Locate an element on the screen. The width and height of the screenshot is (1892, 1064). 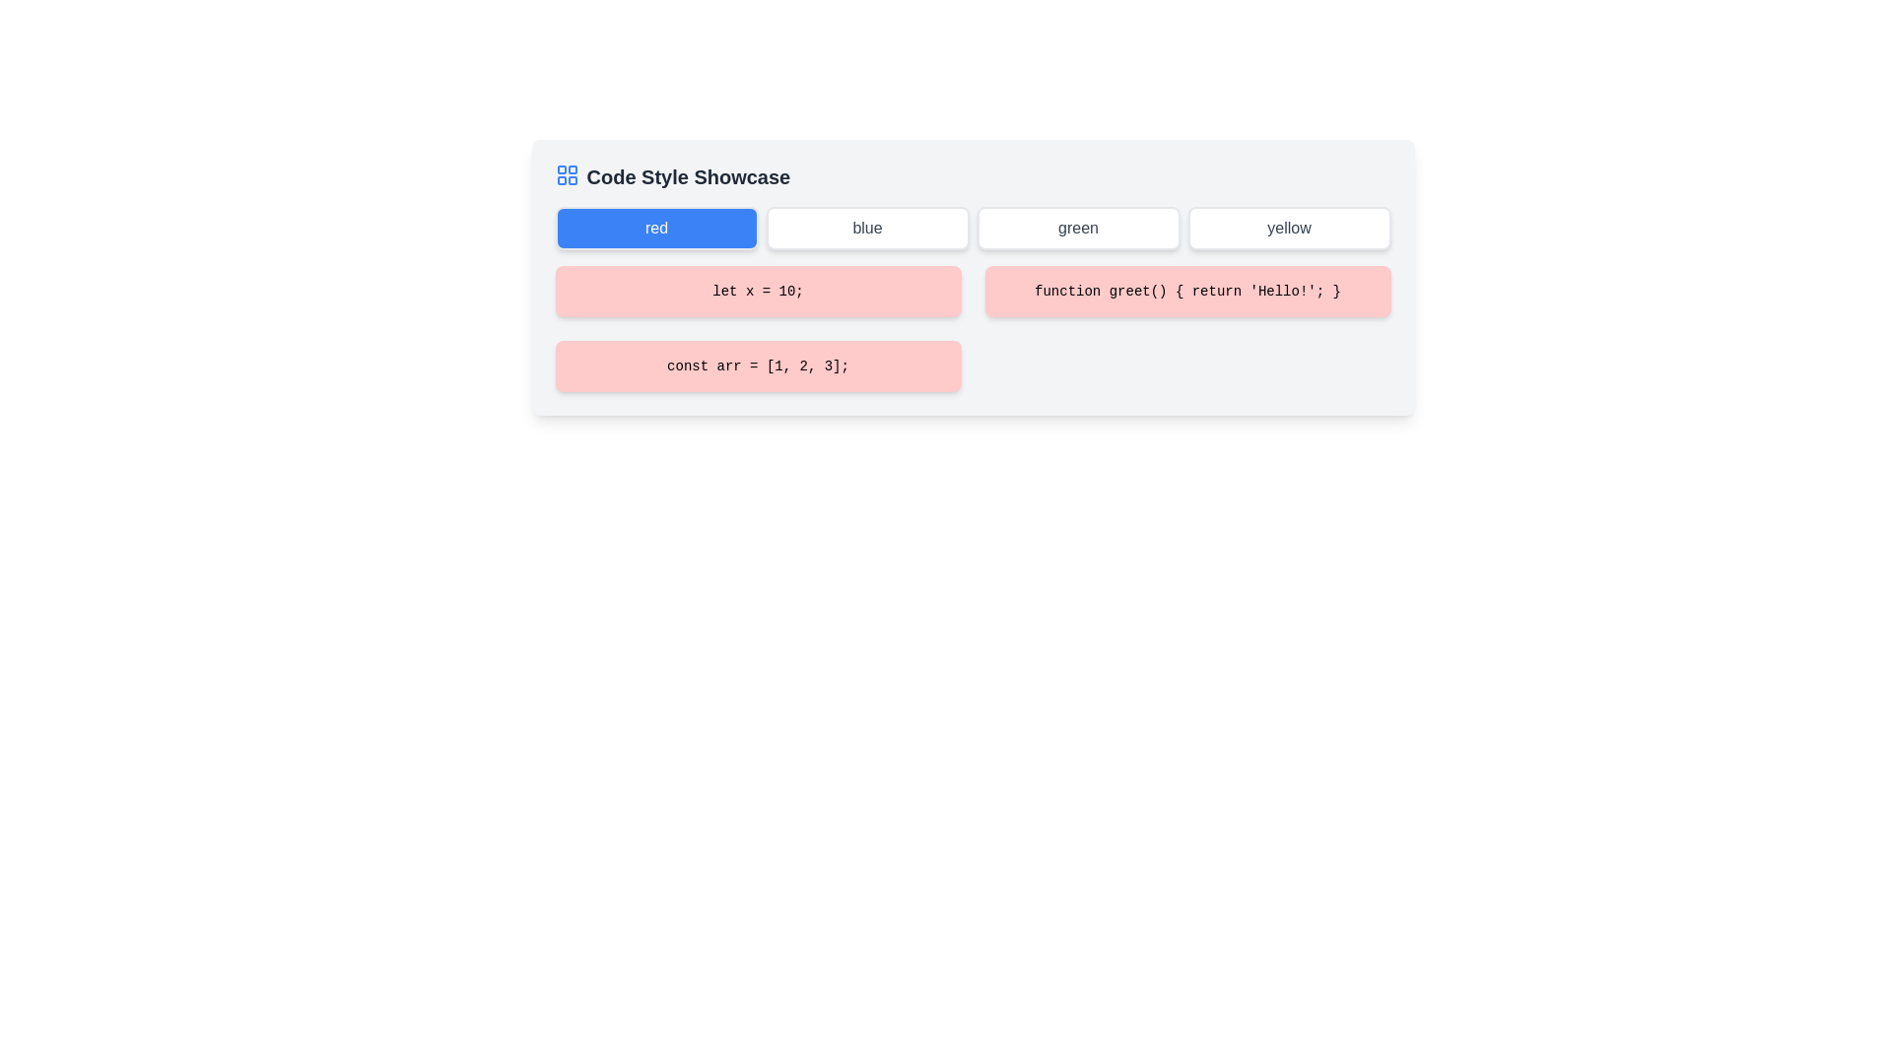
the first button labeled 'red' located below the 'Code Style Showcase' heading is located at coordinates (656, 227).